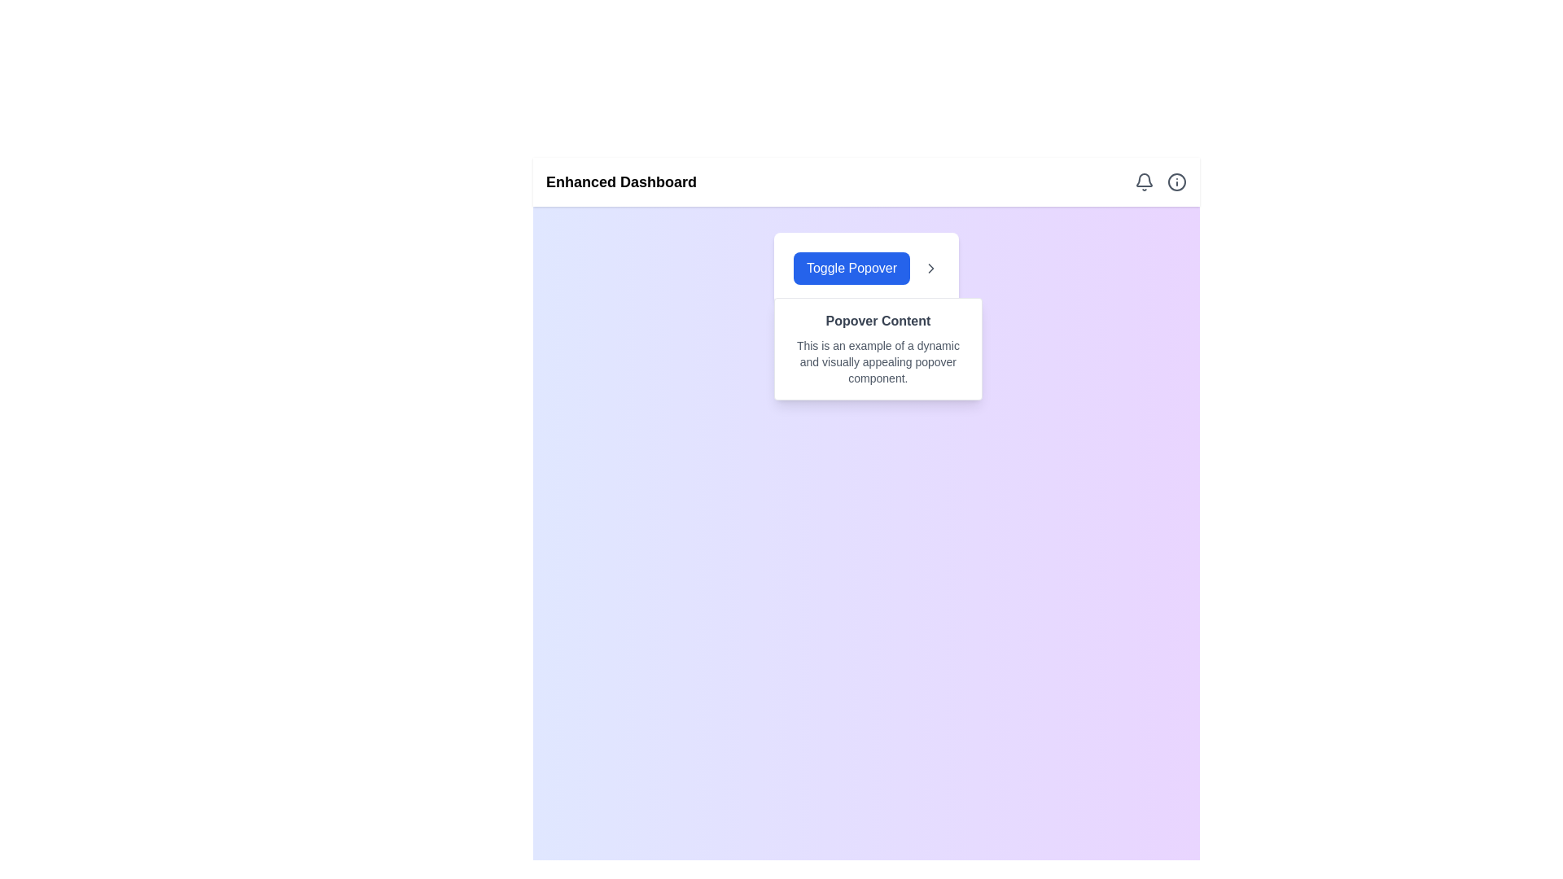  I want to click on the Popover or Tooltip that appears below the 'Toggle Popover' button, so click(877, 348).